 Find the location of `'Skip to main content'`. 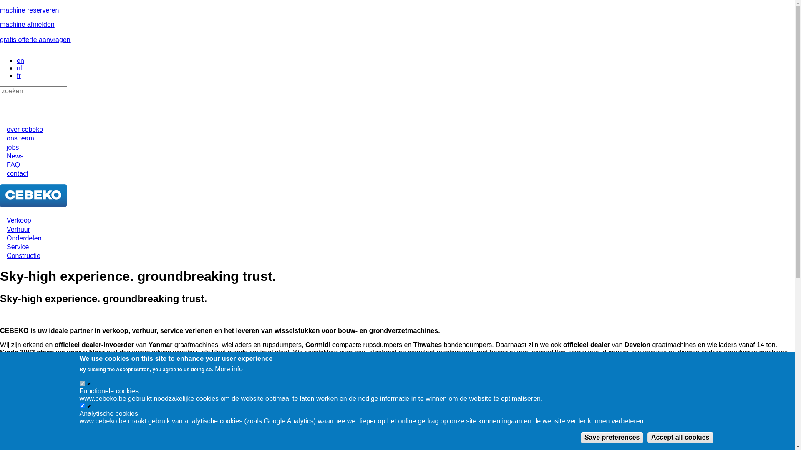

'Skip to main content' is located at coordinates (0, 7).